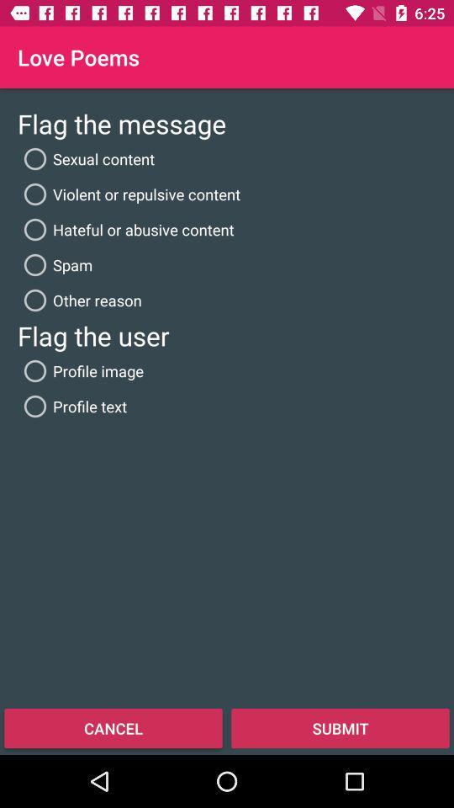 Image resolution: width=454 pixels, height=808 pixels. What do you see at coordinates (80, 371) in the screenshot?
I see `icon below flag the user item` at bounding box center [80, 371].